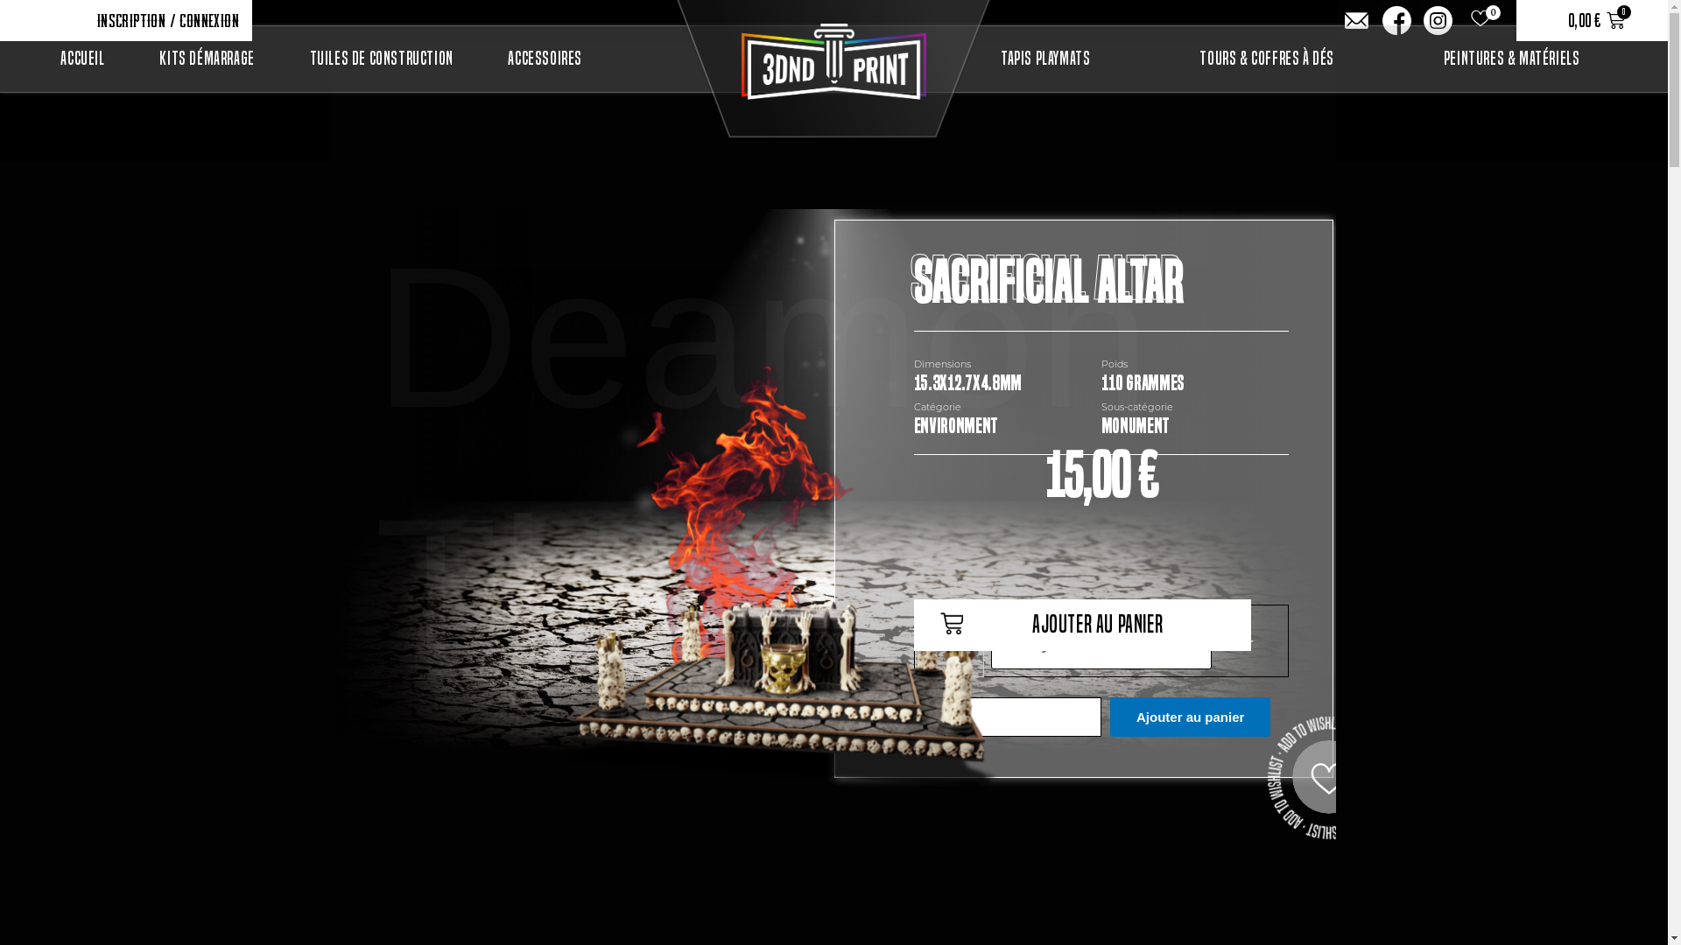  Describe the element at coordinates (164, 20) in the screenshot. I see `'Inscription / Connexion'` at that location.